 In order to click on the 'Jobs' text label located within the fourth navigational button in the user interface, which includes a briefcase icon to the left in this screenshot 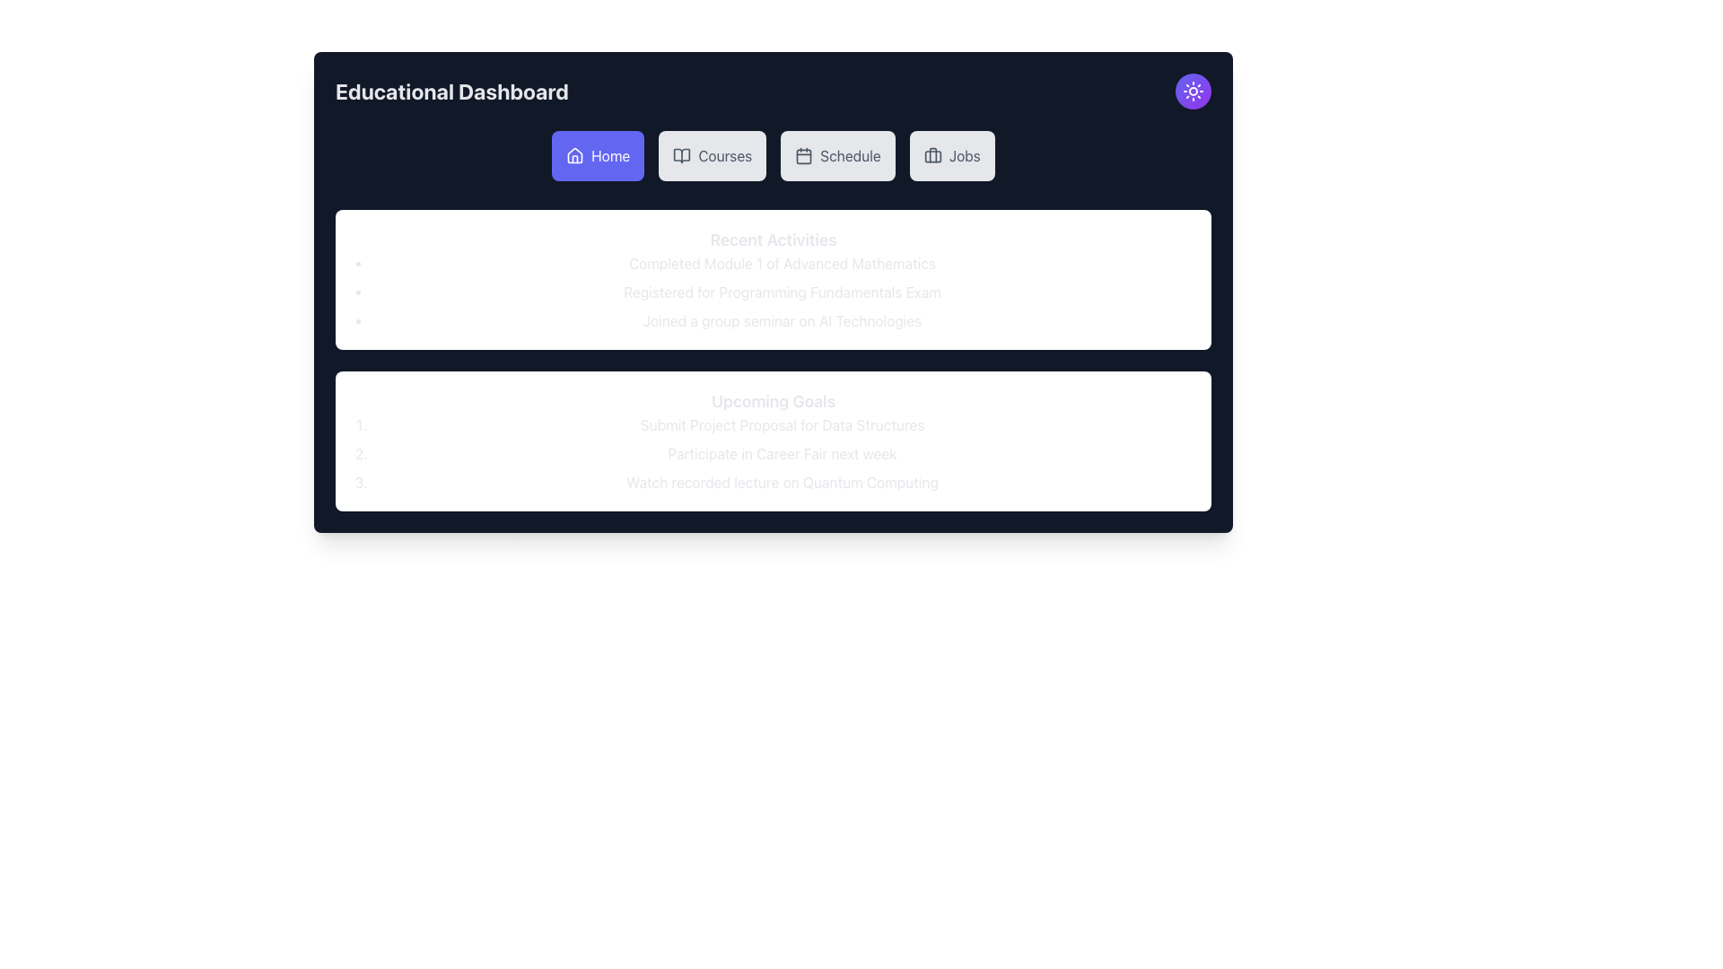, I will do `click(964, 154)`.